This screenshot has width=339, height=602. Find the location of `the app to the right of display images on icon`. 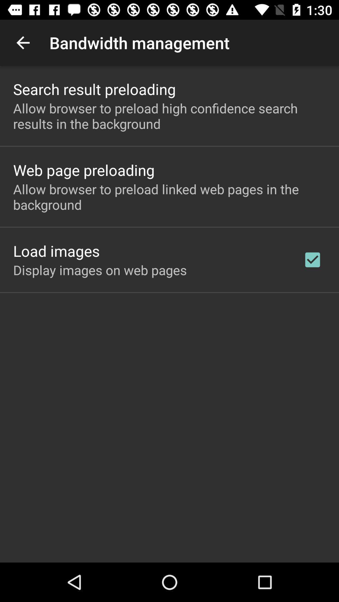

the app to the right of display images on icon is located at coordinates (312, 260).